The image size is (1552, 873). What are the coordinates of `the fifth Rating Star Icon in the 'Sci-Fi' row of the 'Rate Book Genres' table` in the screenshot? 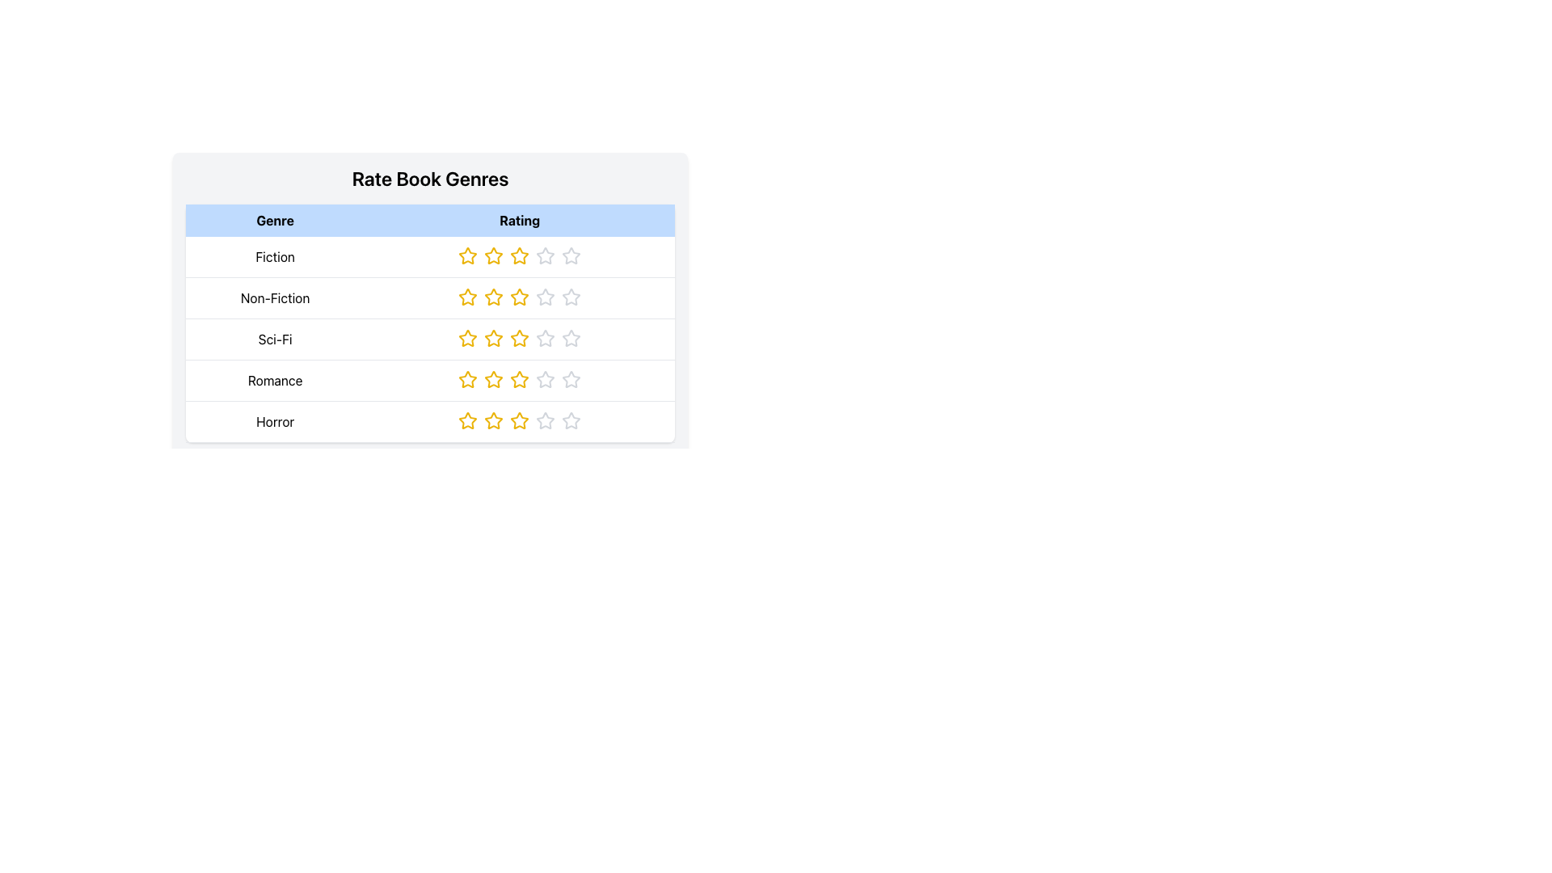 It's located at (571, 338).